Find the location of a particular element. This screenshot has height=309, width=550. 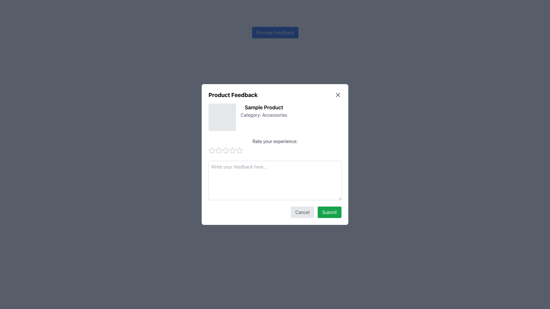

displayed text from the second line of text below the 'Sample Product' header in the modal dialog box is located at coordinates (264, 115).